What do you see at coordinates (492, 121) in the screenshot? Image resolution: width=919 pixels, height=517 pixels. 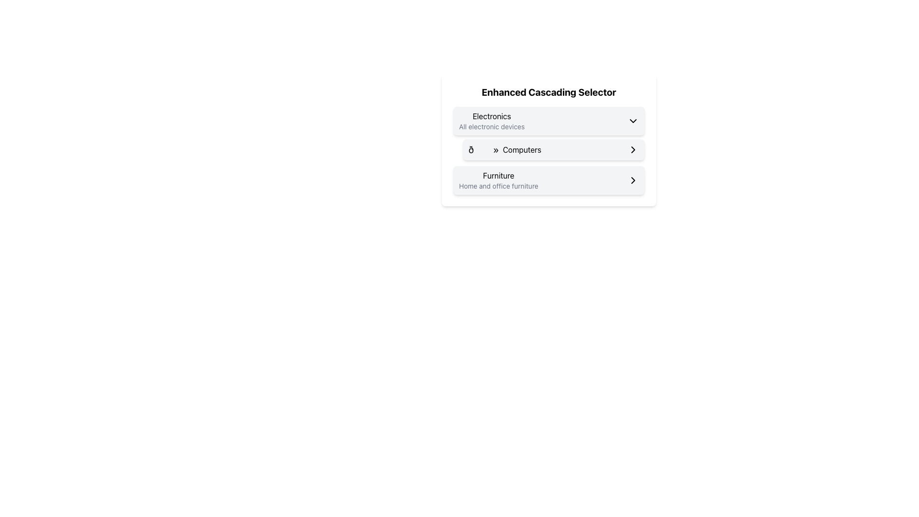 I see `the label titled 'Electronics' which contains the description 'All electronic devices', positioned at the top of a vertical stack of options` at bounding box center [492, 121].